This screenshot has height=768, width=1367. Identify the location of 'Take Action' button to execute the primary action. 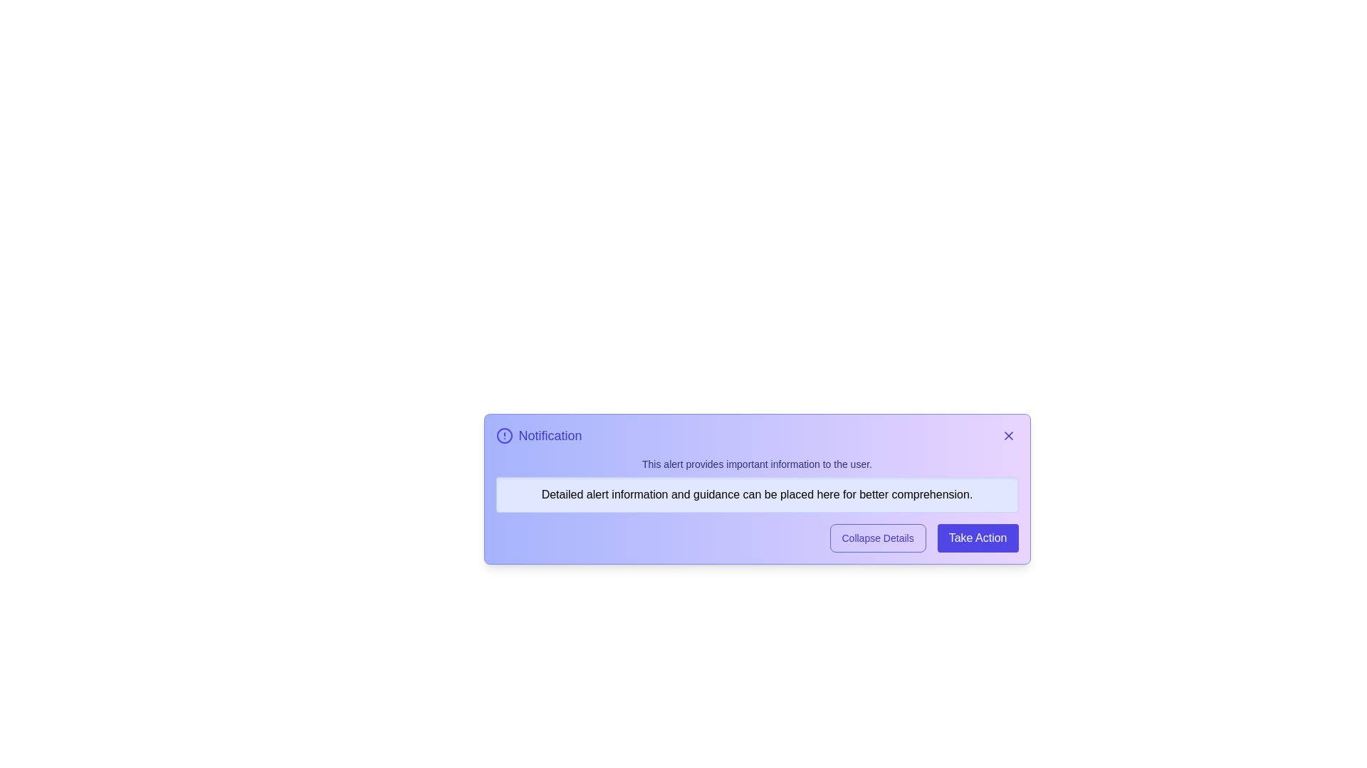
(977, 538).